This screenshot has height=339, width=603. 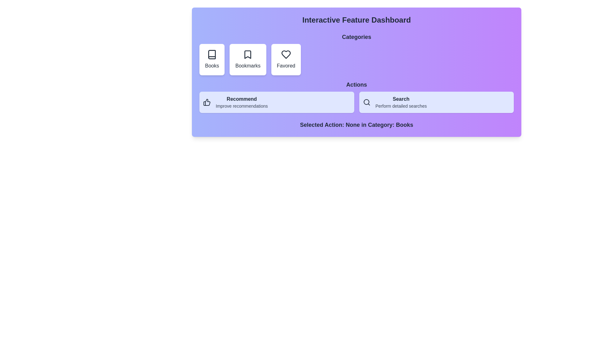 What do you see at coordinates (247, 54) in the screenshot?
I see `the bookmark icon, which is styled with a dark outline and resembles a ribbon or flag point, located in the second box under the 'Categories' heading labeled 'Bookmarks'` at bounding box center [247, 54].